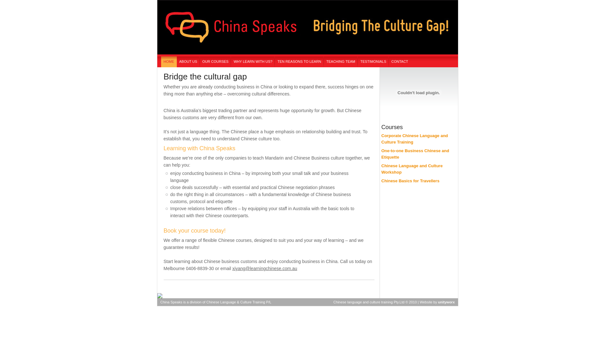 The height and width of the screenshot is (346, 615). I want to click on 'HOME', so click(168, 62).